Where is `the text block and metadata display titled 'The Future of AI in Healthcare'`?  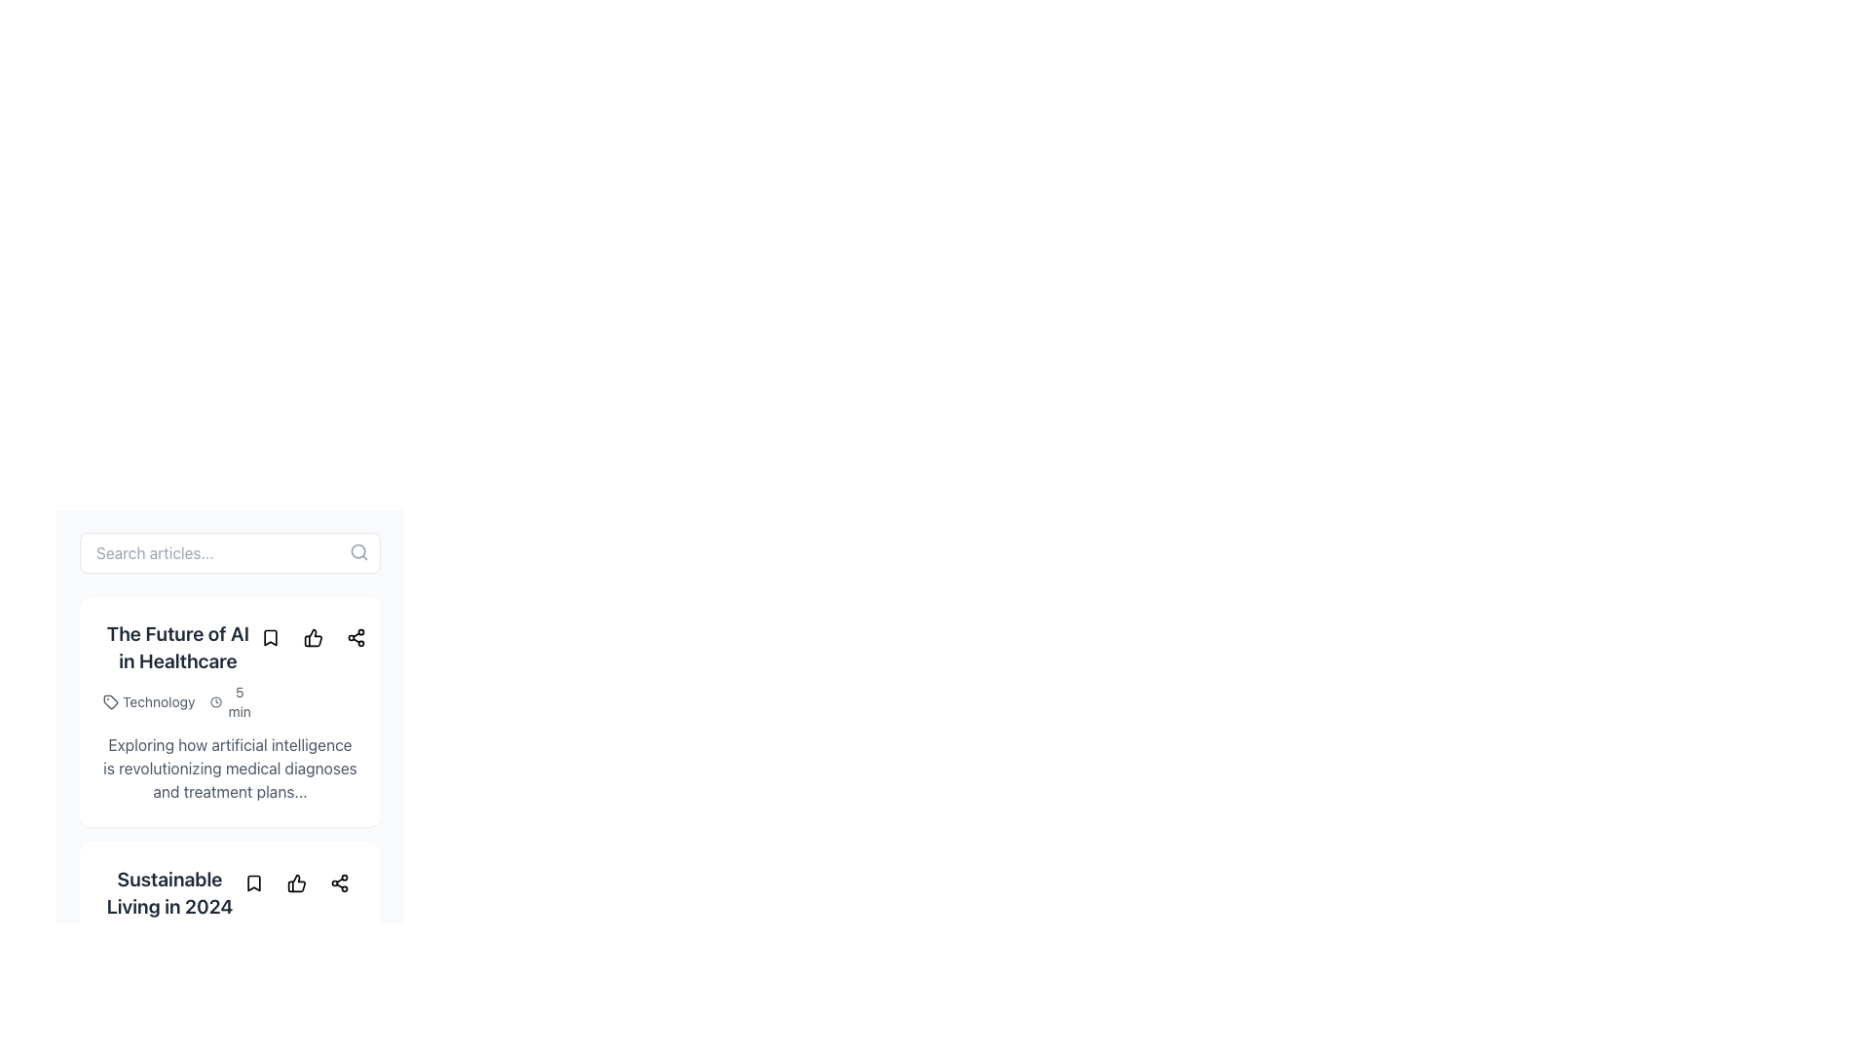
the text block and metadata display titled 'The Future of AI in Healthcare' is located at coordinates (177, 670).